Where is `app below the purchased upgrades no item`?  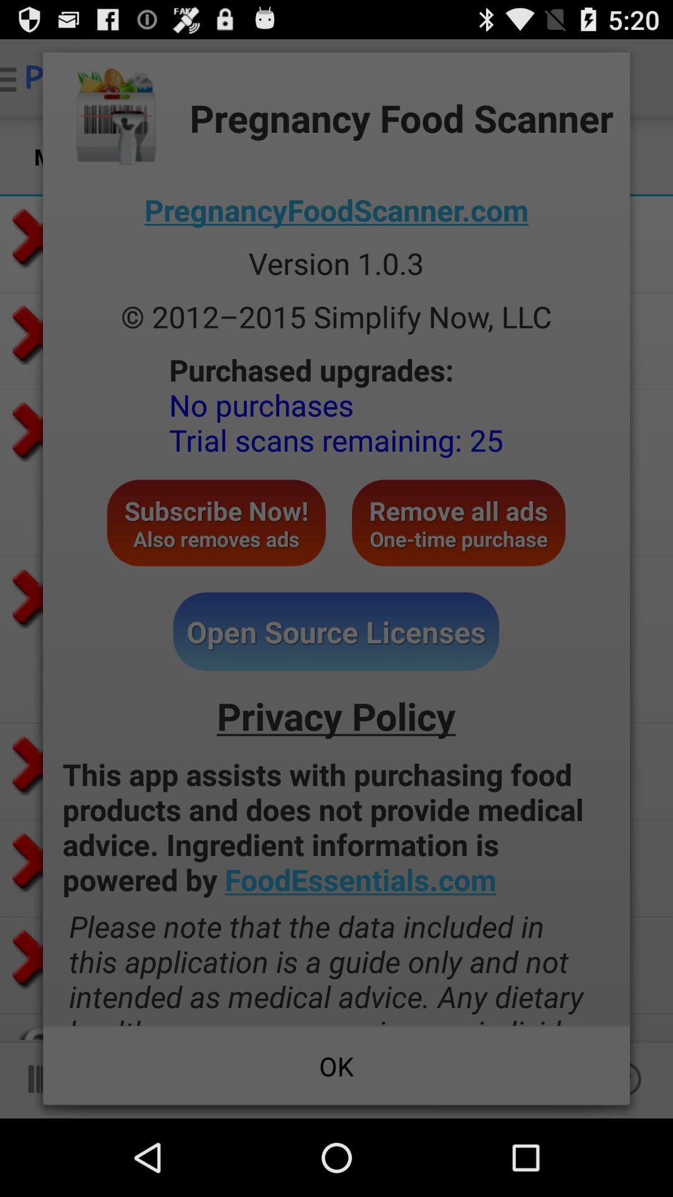 app below the purchased upgrades no item is located at coordinates (216, 522).